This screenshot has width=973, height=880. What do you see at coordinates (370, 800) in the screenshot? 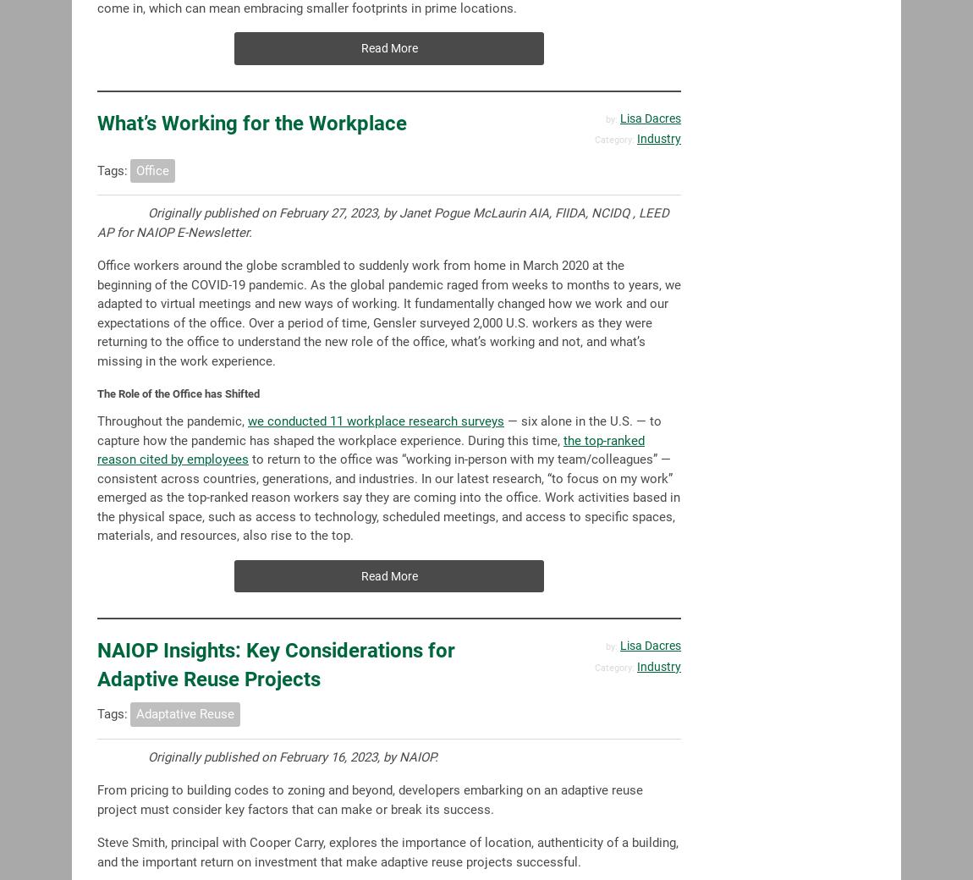
I see `'From pricing to building codes to zoning and beyond, developers embarking on an adaptive reuse project must consider key factors that can make or break its success.'` at bounding box center [370, 800].